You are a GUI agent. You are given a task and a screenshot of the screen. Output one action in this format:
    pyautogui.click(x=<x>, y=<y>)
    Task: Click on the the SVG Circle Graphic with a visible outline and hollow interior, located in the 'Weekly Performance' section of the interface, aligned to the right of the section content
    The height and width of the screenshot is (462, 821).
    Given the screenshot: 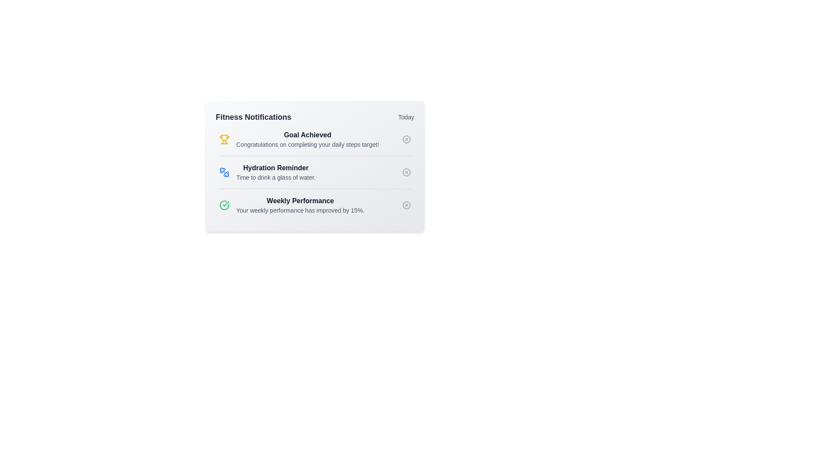 What is the action you would take?
    pyautogui.click(x=406, y=205)
    